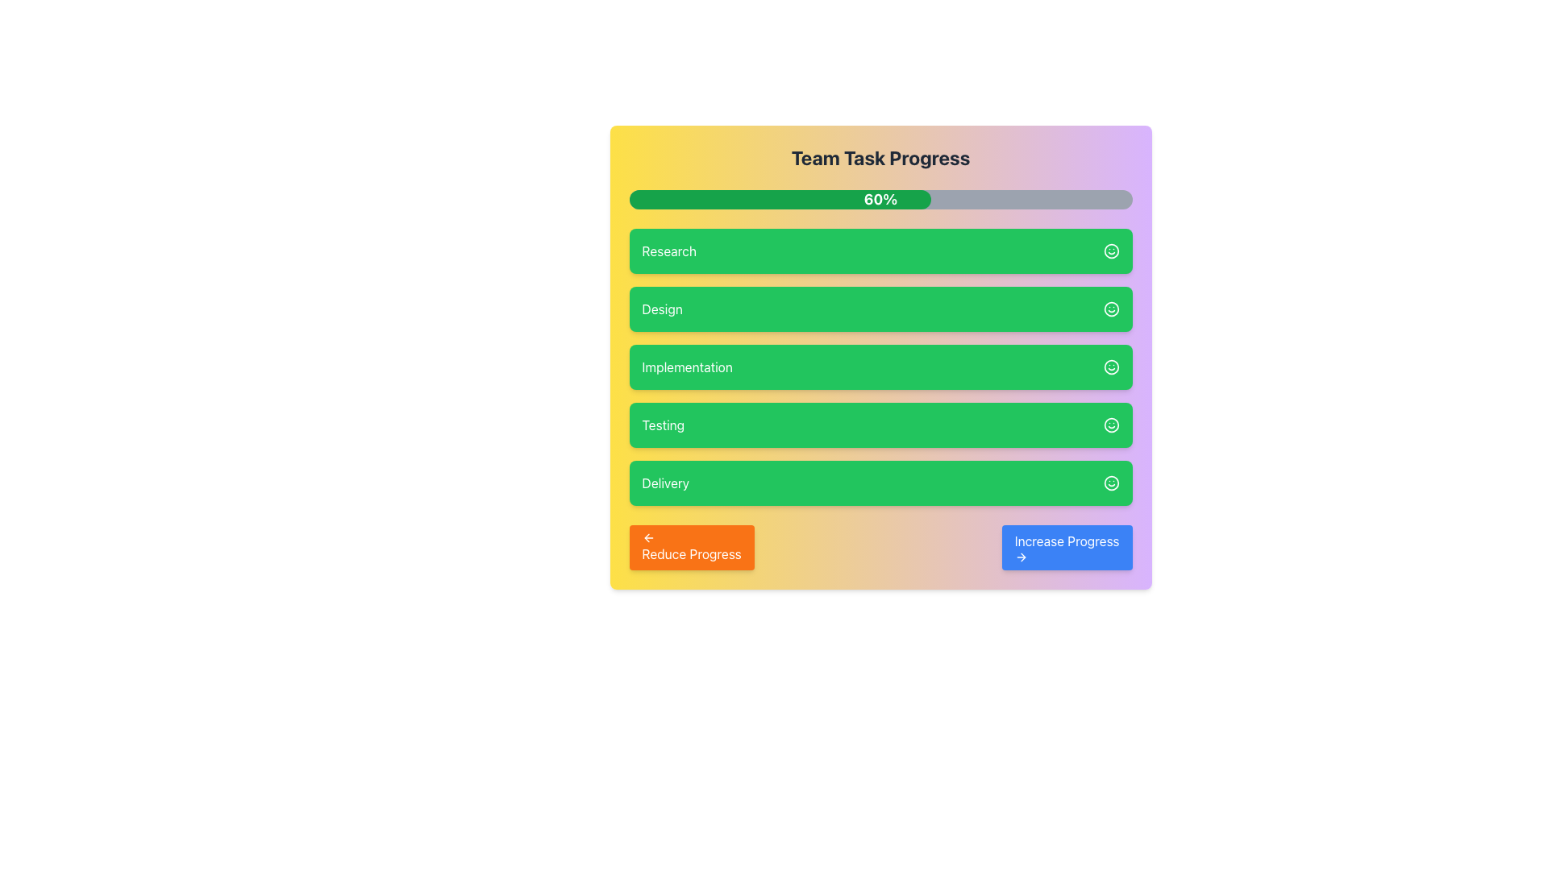 This screenshot has height=870, width=1548. What do you see at coordinates (1110, 251) in the screenshot?
I see `the success indicator icon located at the upper right corner of the 'Research' row under the 'Team Task Progress' header` at bounding box center [1110, 251].